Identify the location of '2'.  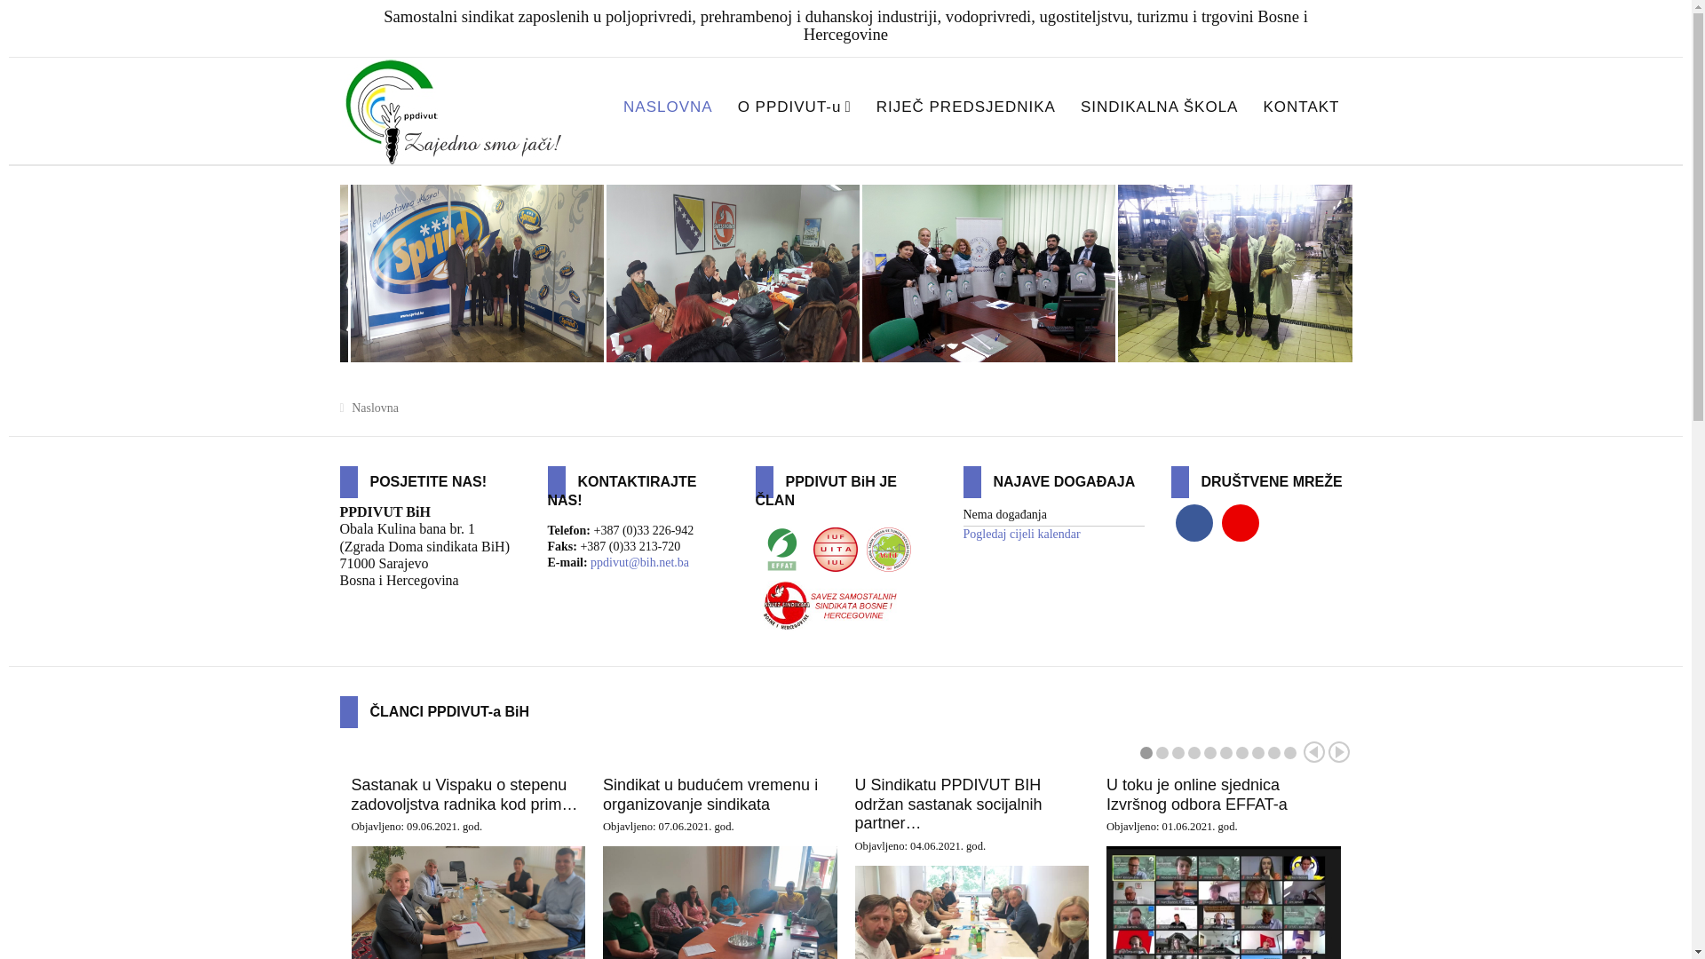
(1155, 753).